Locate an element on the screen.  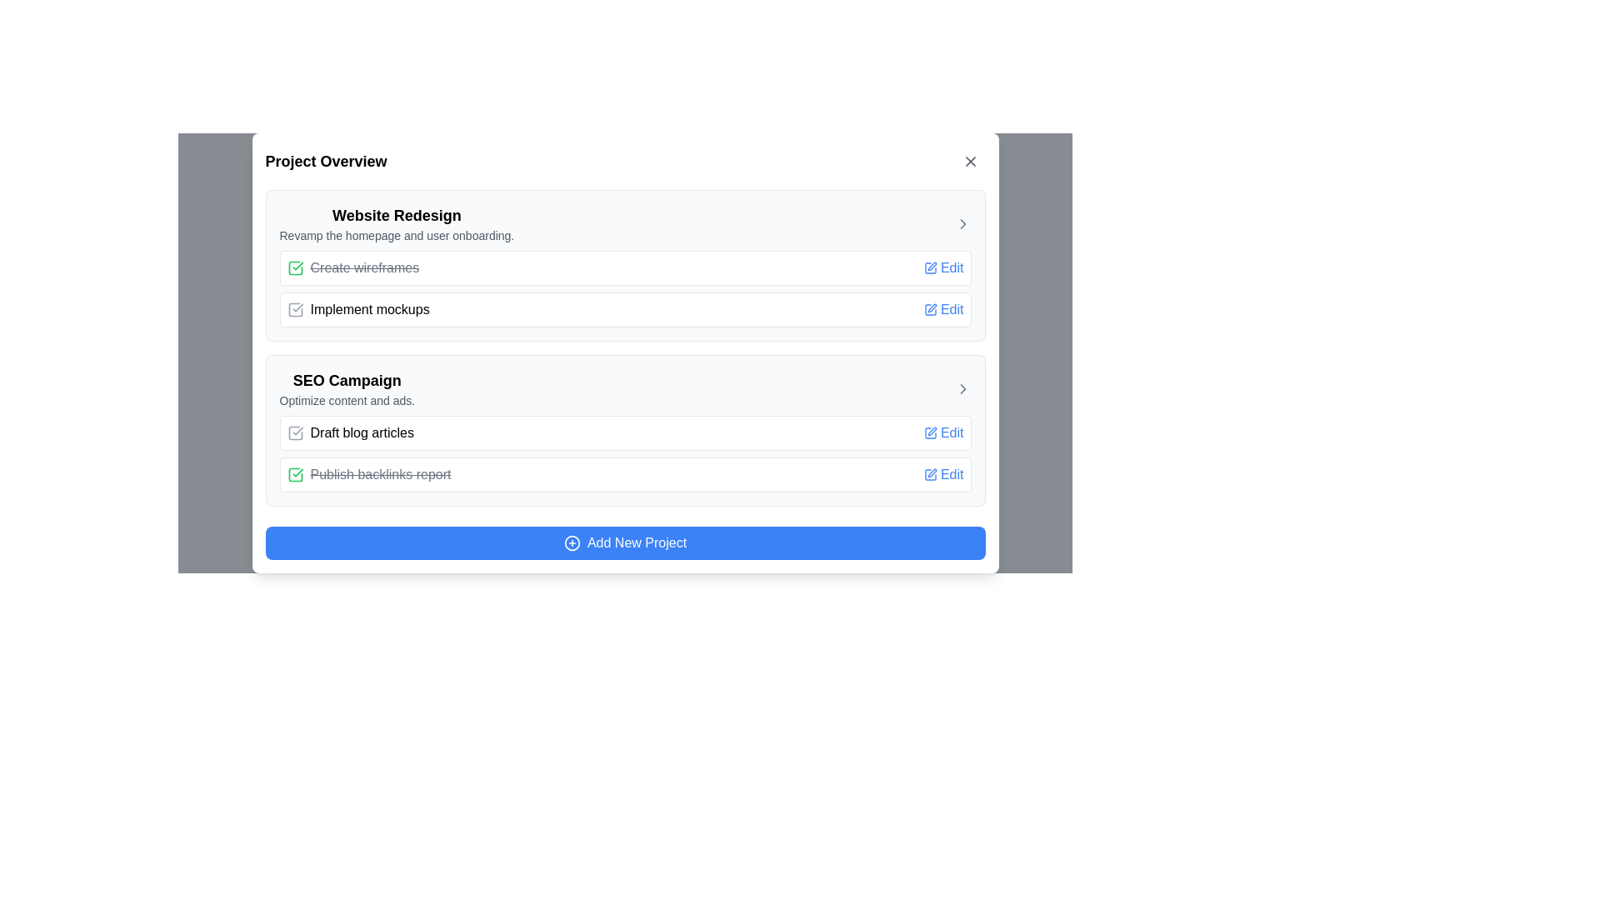
the text label that serves as a title for the project summary, located near the top portion of the section above the descriptive text line is located at coordinates (396, 214).